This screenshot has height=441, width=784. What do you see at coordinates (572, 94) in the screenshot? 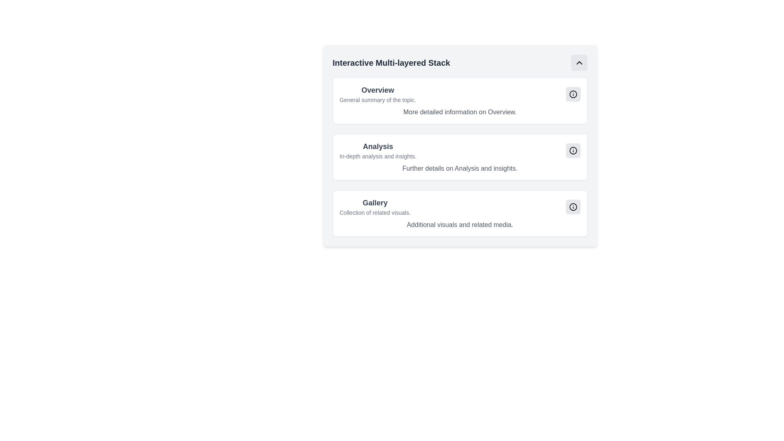
I see `the circular information icon with a light gray background and dark gray 'i' symbol located at the right end of the 'Overview' section` at bounding box center [572, 94].